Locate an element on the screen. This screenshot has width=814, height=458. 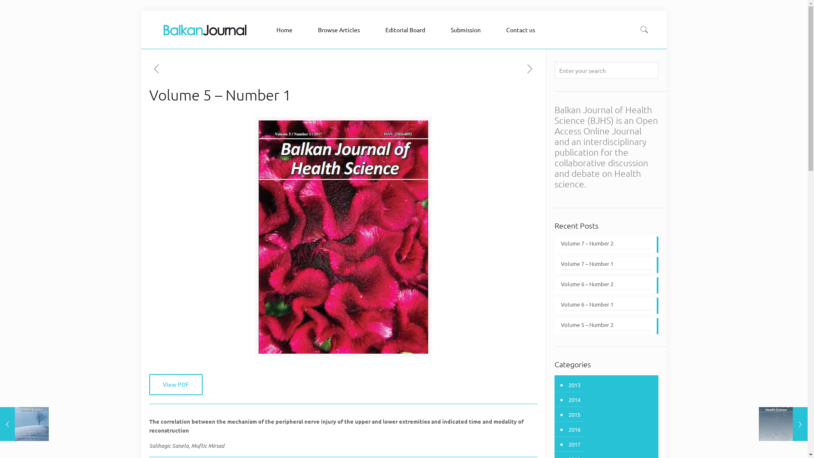
'Submission' is located at coordinates (467, 29).